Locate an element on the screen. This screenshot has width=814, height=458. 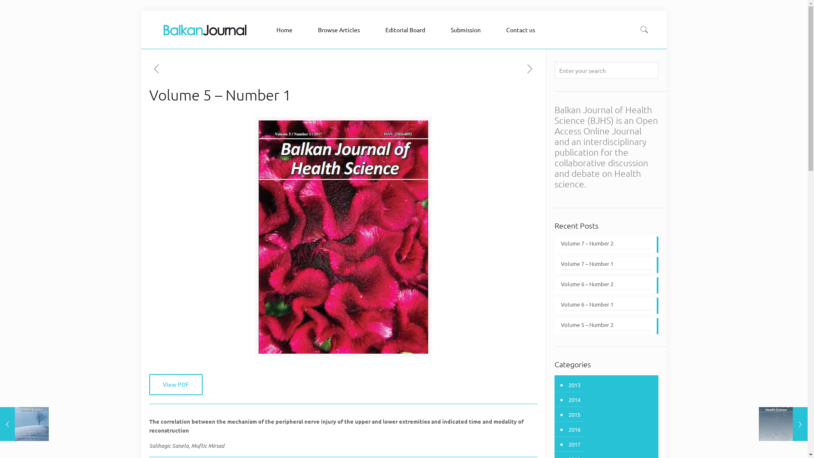
'Submission' is located at coordinates (467, 29).